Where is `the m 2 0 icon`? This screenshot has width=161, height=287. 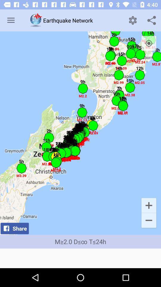 the m 2 0 icon is located at coordinates (80, 242).